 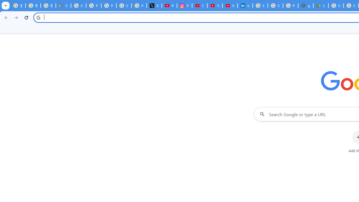 I want to click on '#nbabasketballhighlights - YouTube', so click(x=169, y=6).